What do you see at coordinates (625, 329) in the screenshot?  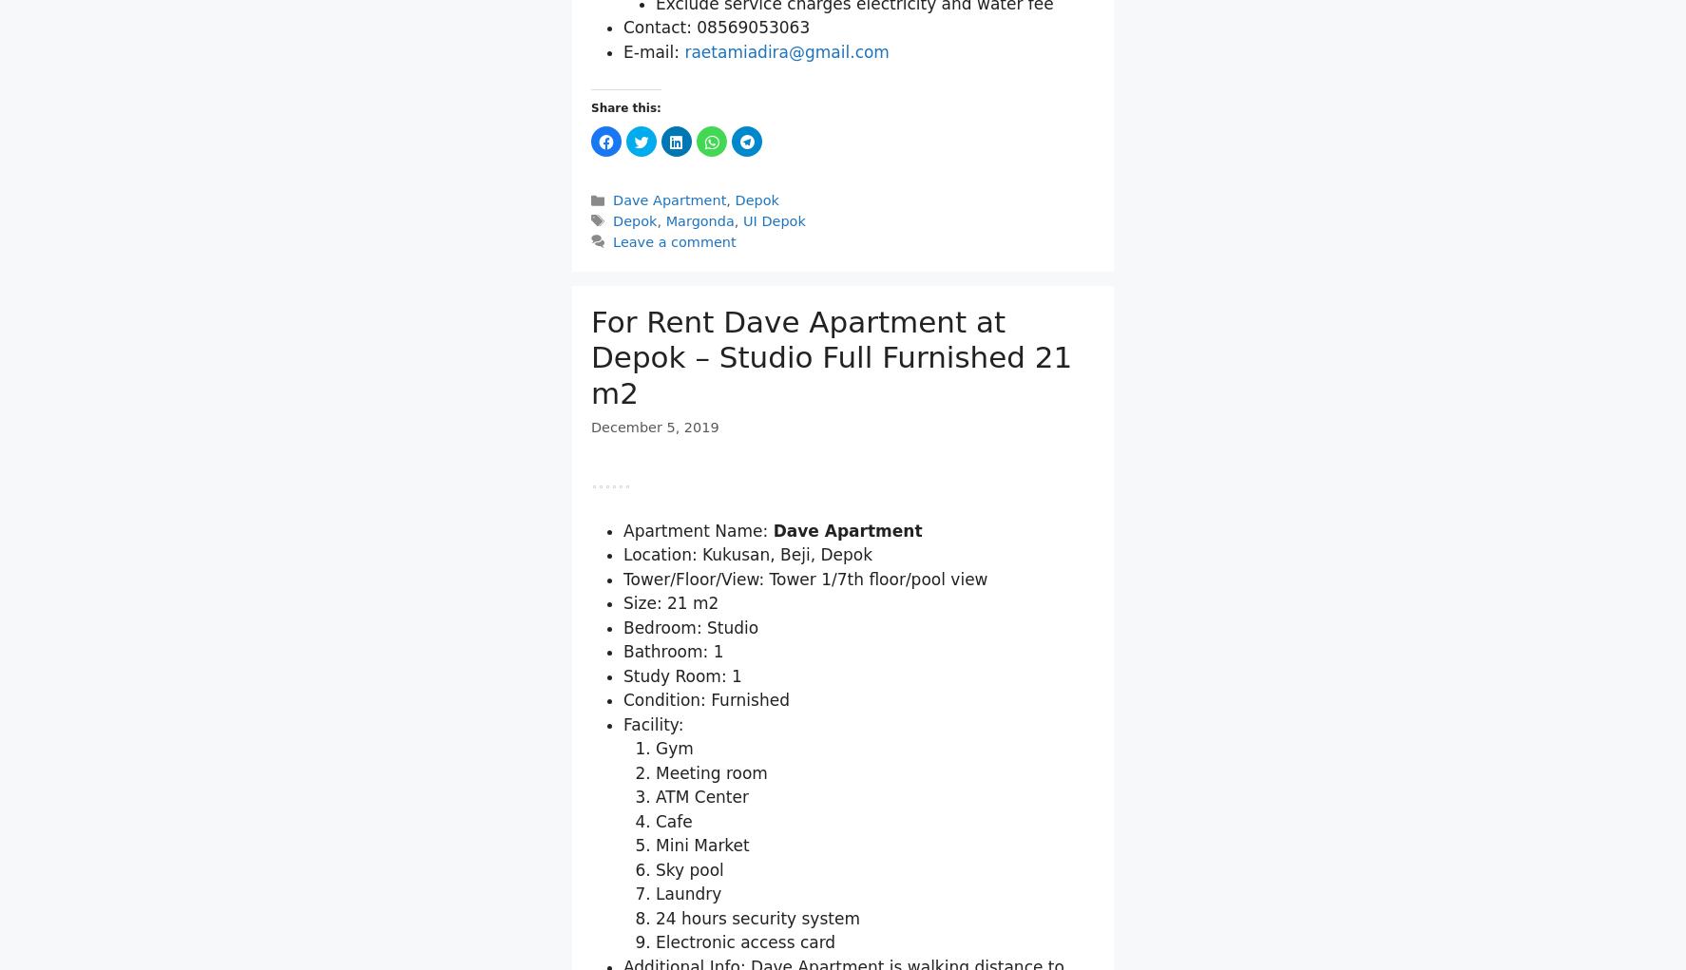 I see `'Share this:'` at bounding box center [625, 329].